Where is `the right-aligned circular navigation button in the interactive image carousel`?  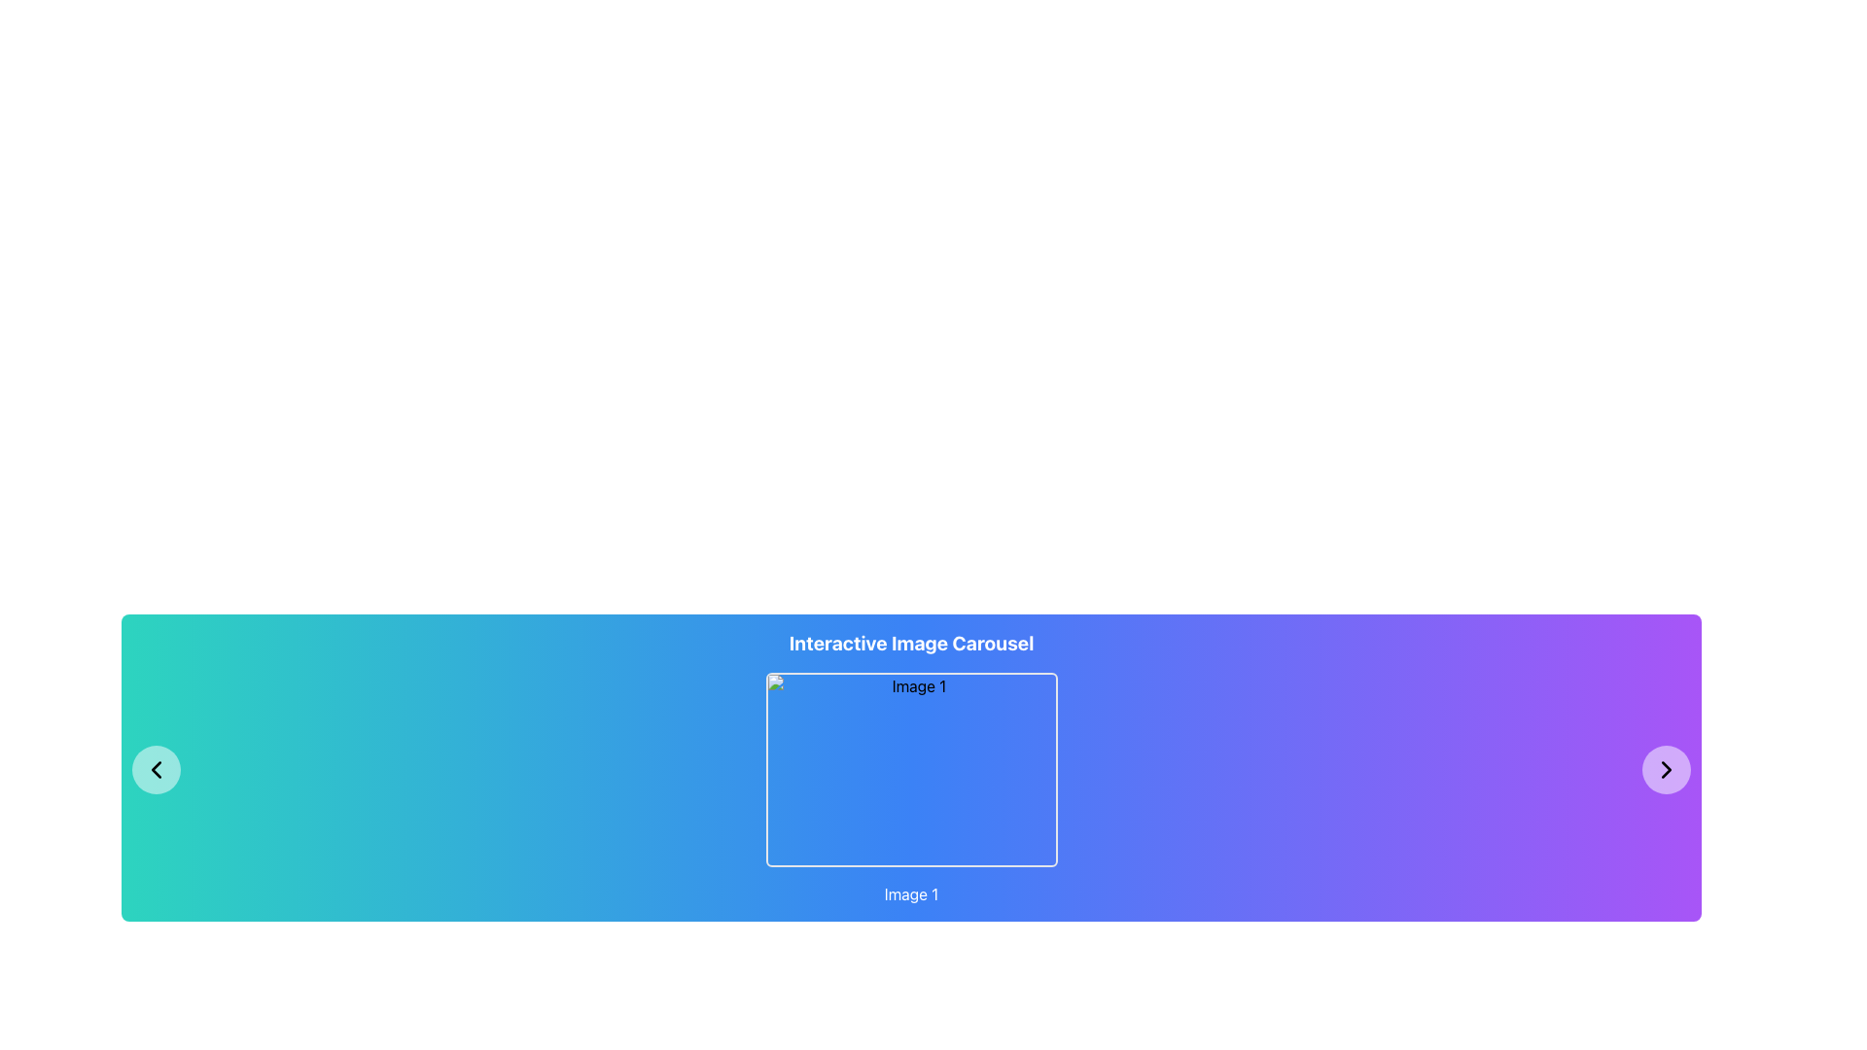
the right-aligned circular navigation button in the interactive image carousel is located at coordinates (1665, 768).